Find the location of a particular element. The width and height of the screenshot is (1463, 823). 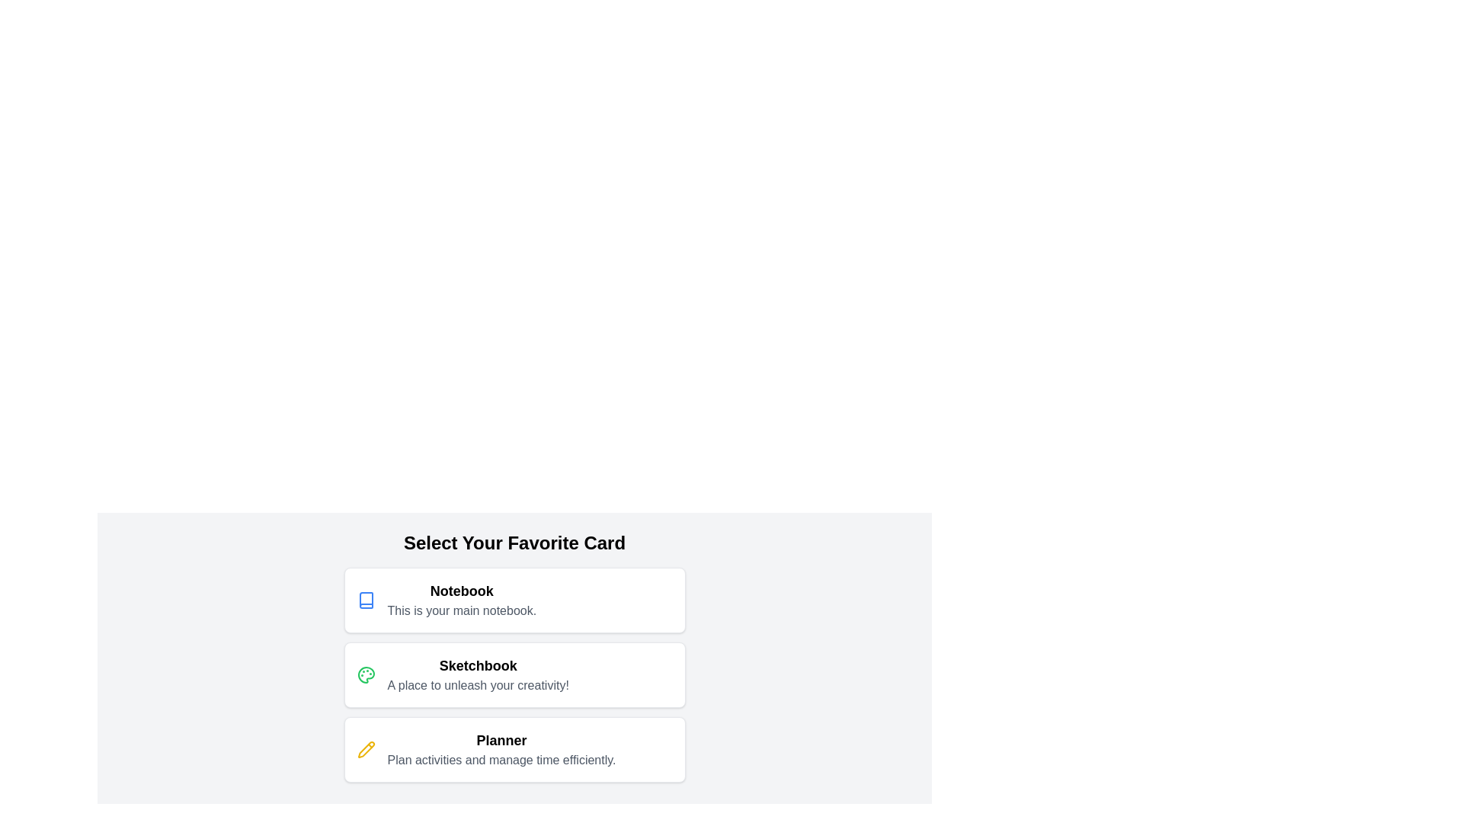

the Informational Card titled 'Sketchbook' that has a green palette icon and a white background, which is located in the middle of a vertical stack of cards under 'Select Your Favorite Card' is located at coordinates (514, 674).